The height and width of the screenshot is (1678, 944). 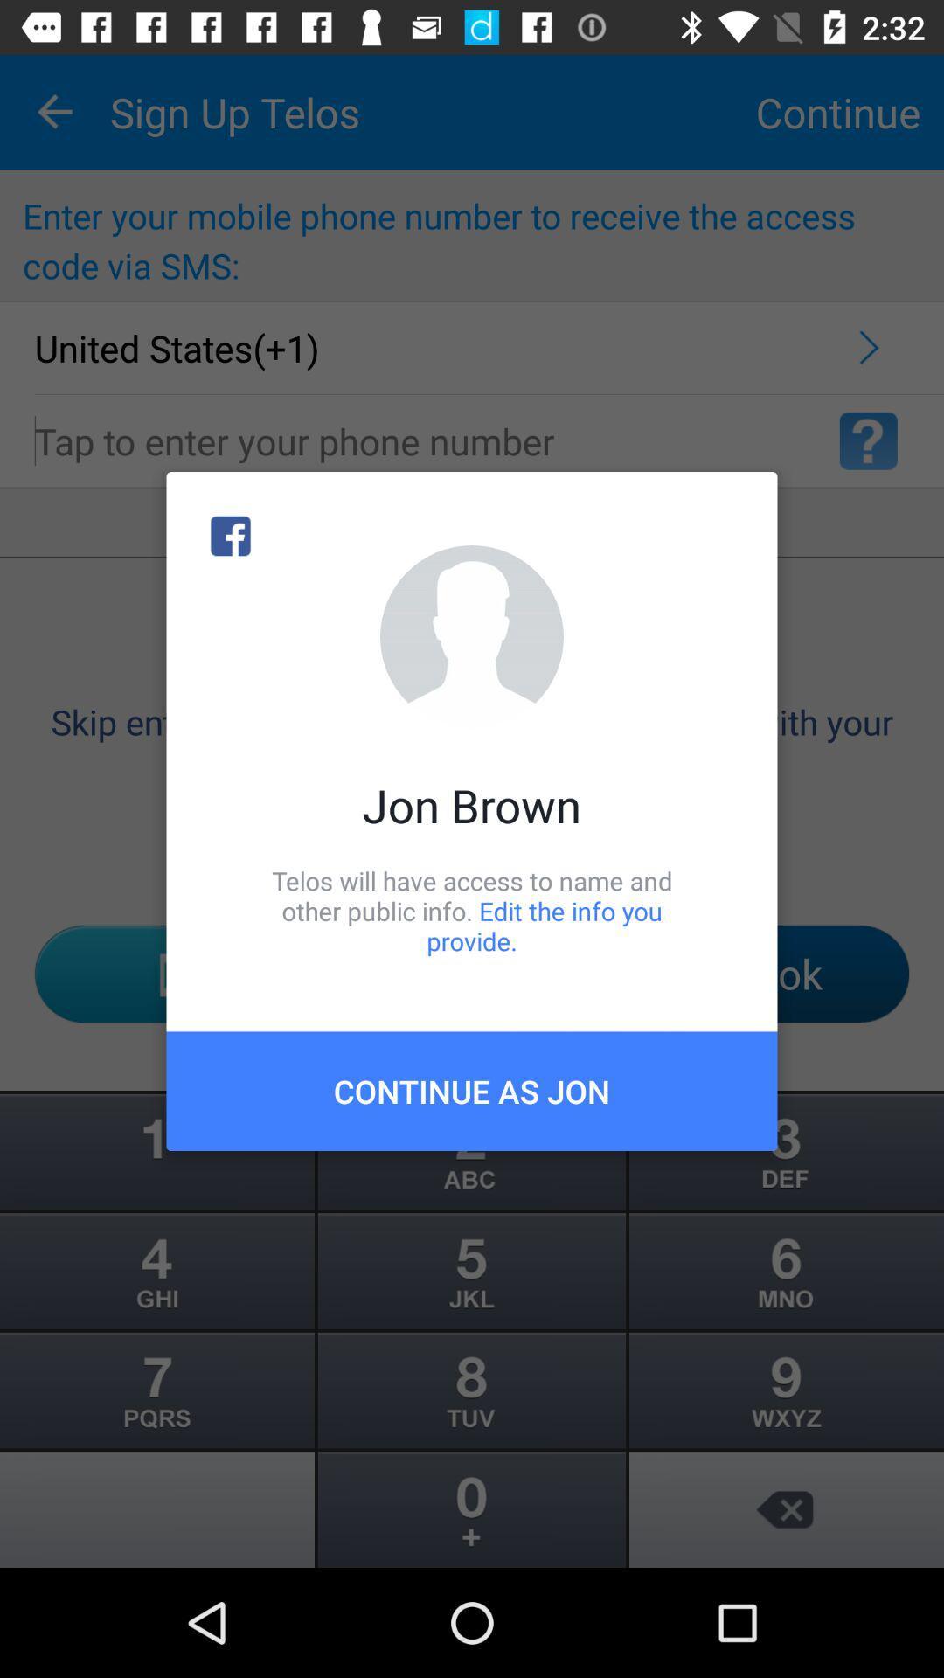 I want to click on the continue as jon icon, so click(x=472, y=1090).